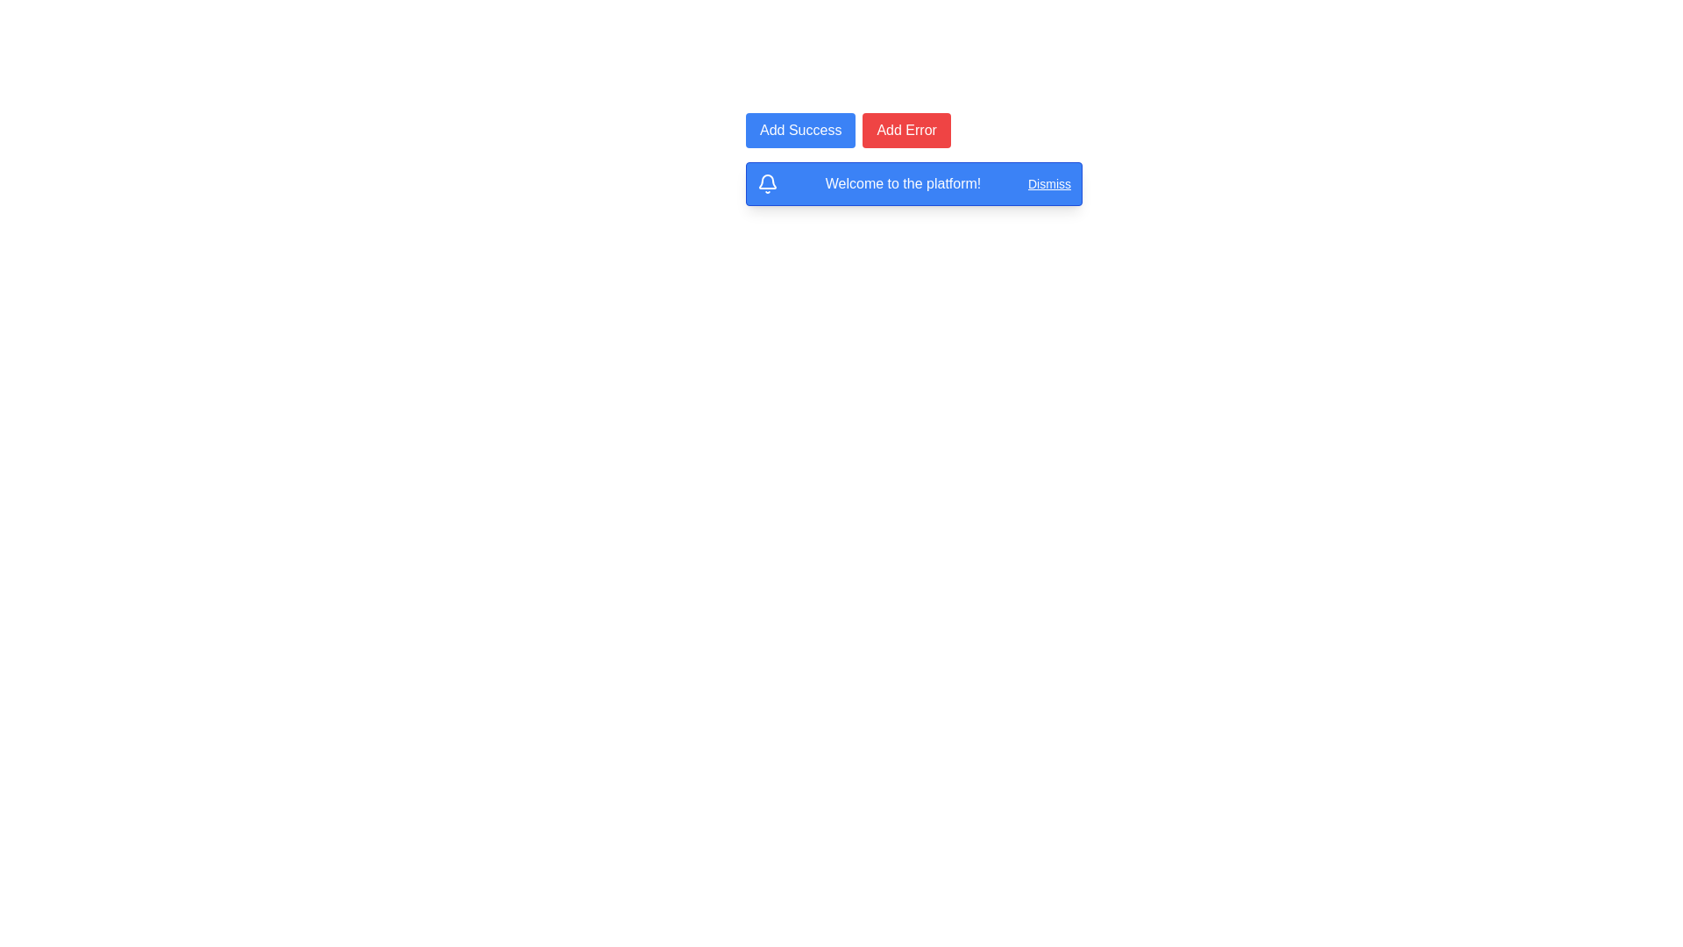  What do you see at coordinates (767, 183) in the screenshot?
I see `the Vector icon located within the blue notification box, which is the first element from the left preceding the text 'Welcome to the platform!'` at bounding box center [767, 183].